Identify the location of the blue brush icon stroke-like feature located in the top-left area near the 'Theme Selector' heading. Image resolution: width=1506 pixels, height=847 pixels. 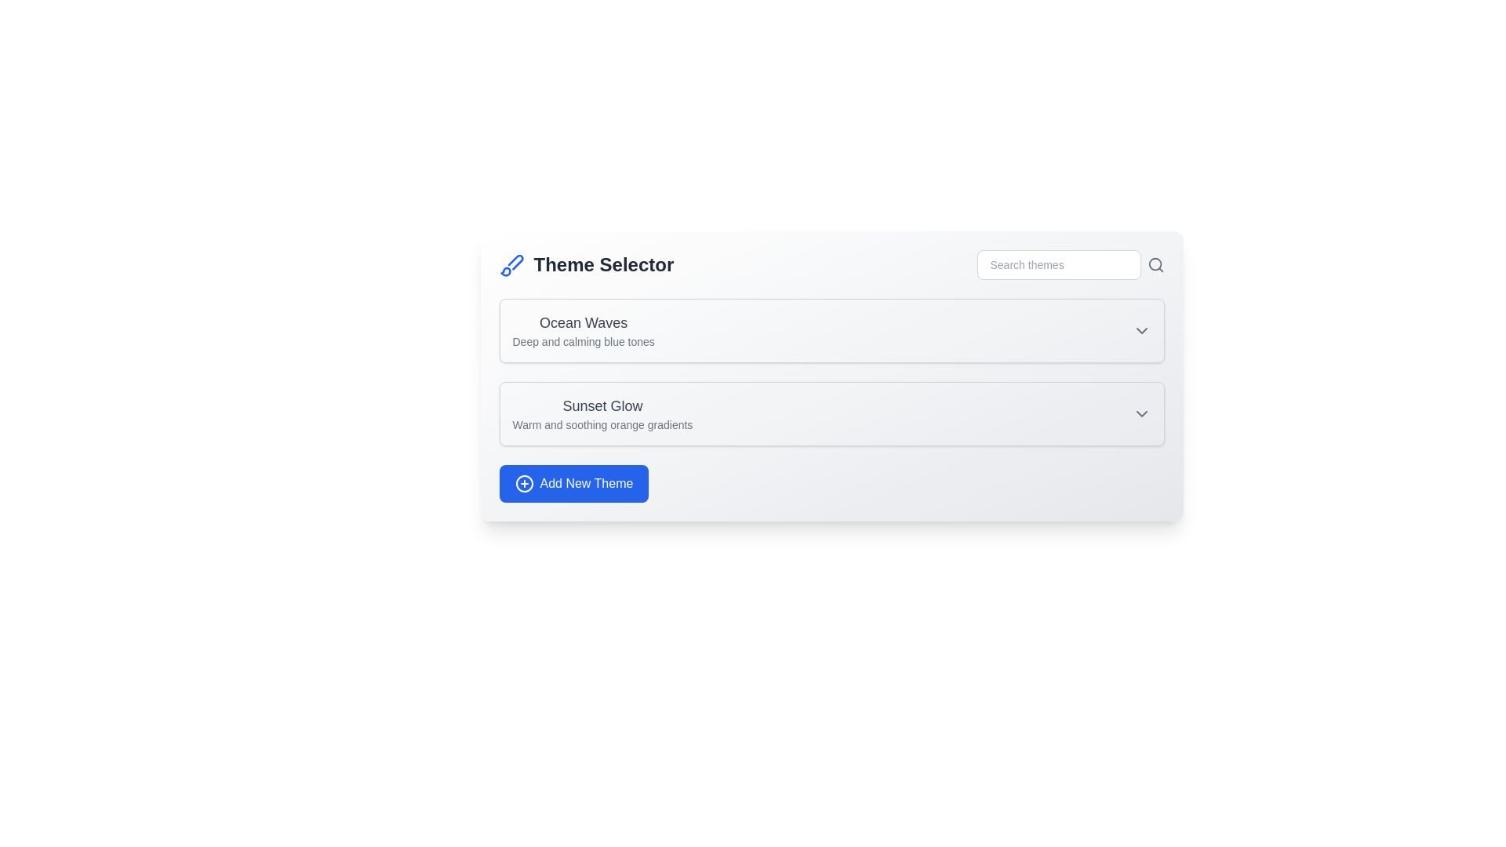
(515, 261).